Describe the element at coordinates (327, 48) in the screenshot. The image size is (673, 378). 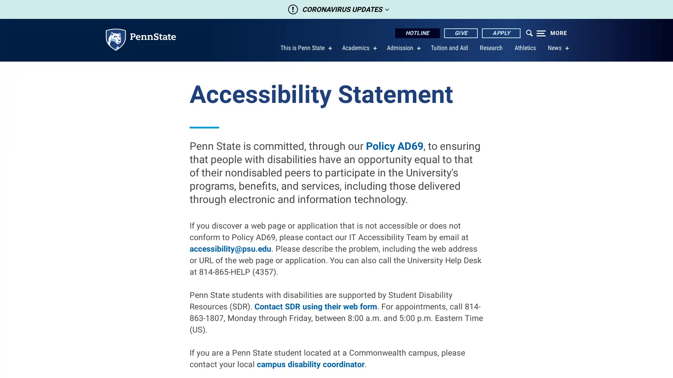
I see `show submenu for This is Penn State` at that location.